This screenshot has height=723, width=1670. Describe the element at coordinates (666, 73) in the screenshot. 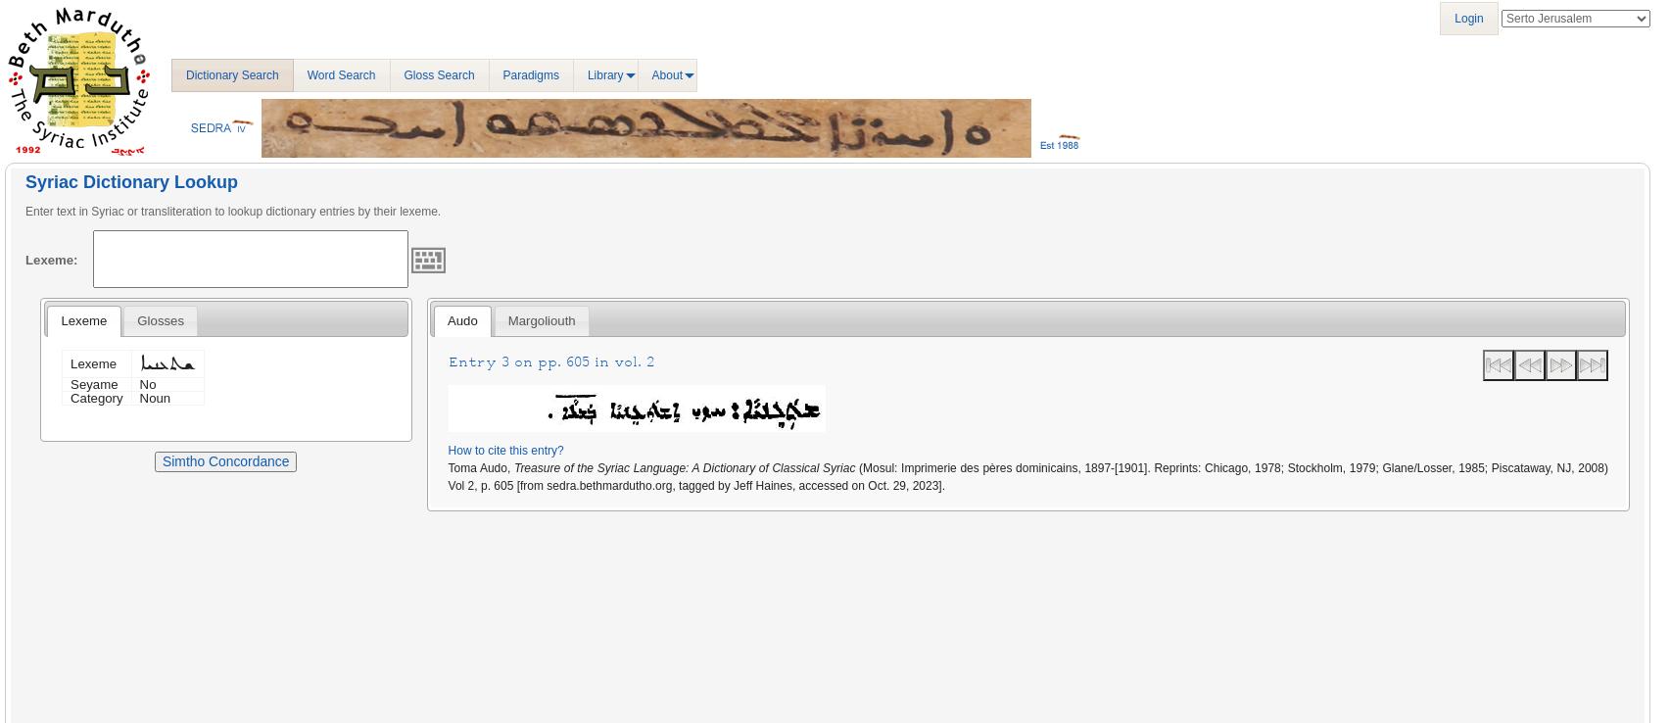

I see `'About'` at that location.